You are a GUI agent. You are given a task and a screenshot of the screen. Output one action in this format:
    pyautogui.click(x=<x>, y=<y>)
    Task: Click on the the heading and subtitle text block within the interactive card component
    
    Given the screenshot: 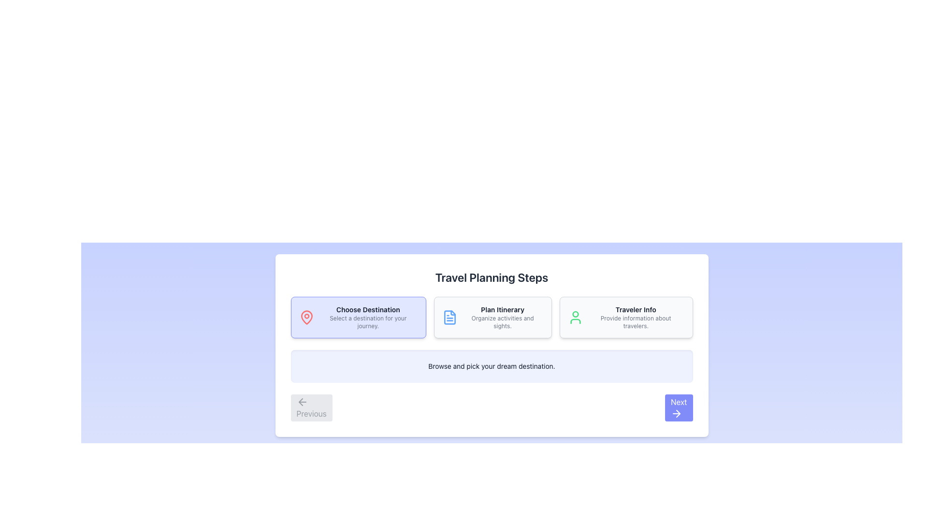 What is the action you would take?
    pyautogui.click(x=636, y=317)
    